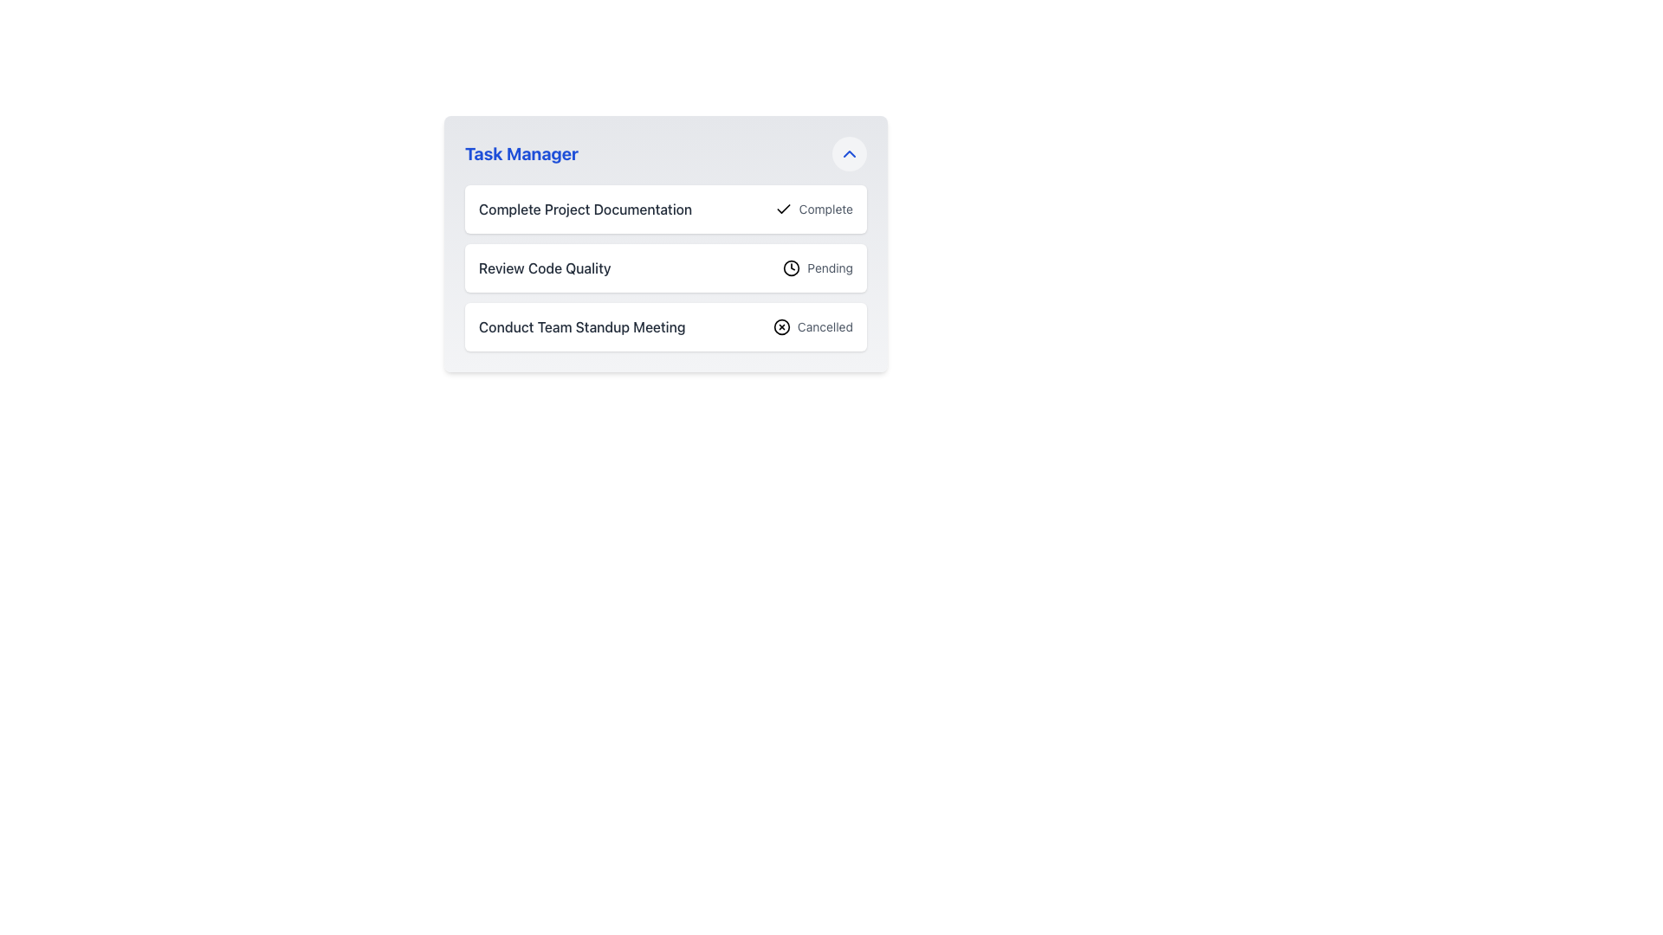  What do you see at coordinates (782, 209) in the screenshot?
I see `the checkmark icon located to the left of the 'Complete' text label in the first row of the task list under 'Task Manager'` at bounding box center [782, 209].